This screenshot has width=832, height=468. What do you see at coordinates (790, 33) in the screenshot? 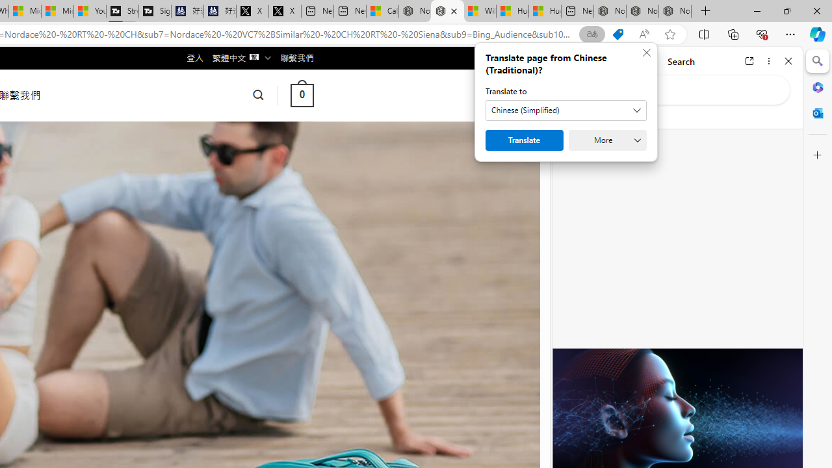
I see `'Settings and more (Alt+F)'` at bounding box center [790, 33].